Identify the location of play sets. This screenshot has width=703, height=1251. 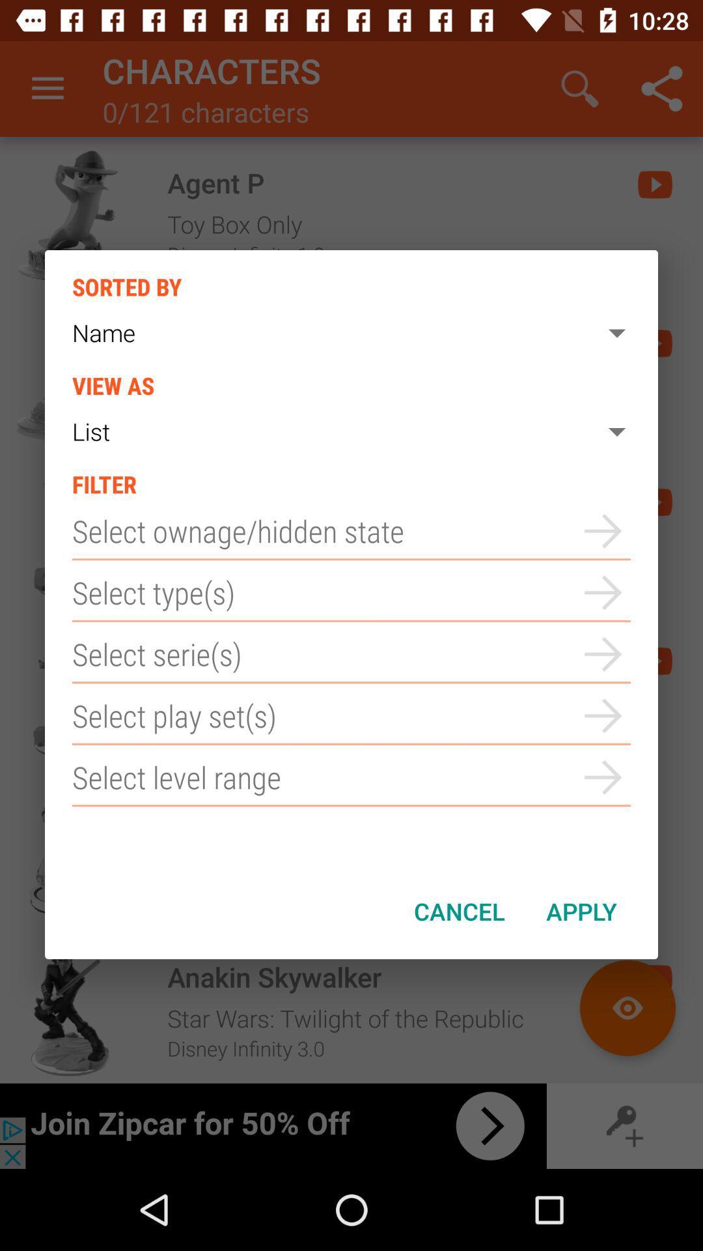
(351, 715).